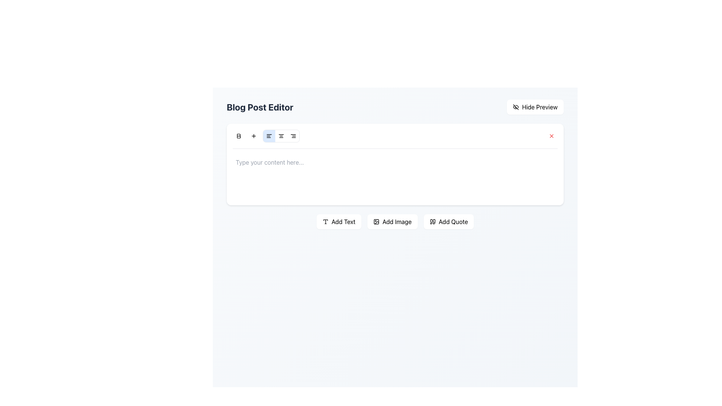 This screenshot has height=406, width=722. What do you see at coordinates (392, 221) in the screenshot?
I see `the button that allows the user to add an image to the editable content section, located between the 'Add Text' button on the left and the 'Add Quote' button on the right` at bounding box center [392, 221].